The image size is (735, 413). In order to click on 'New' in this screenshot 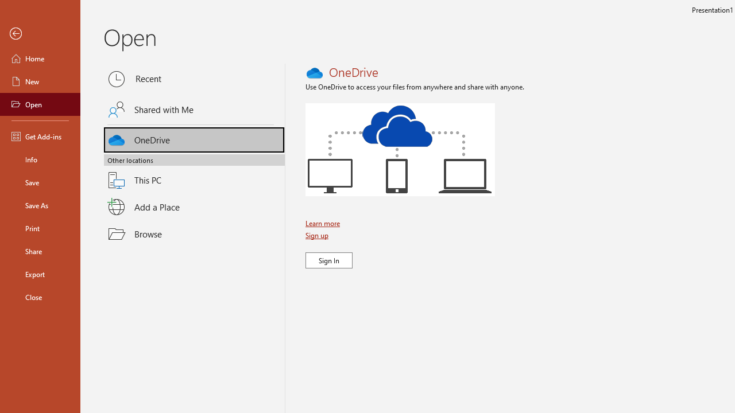, I will do `click(40, 80)`.